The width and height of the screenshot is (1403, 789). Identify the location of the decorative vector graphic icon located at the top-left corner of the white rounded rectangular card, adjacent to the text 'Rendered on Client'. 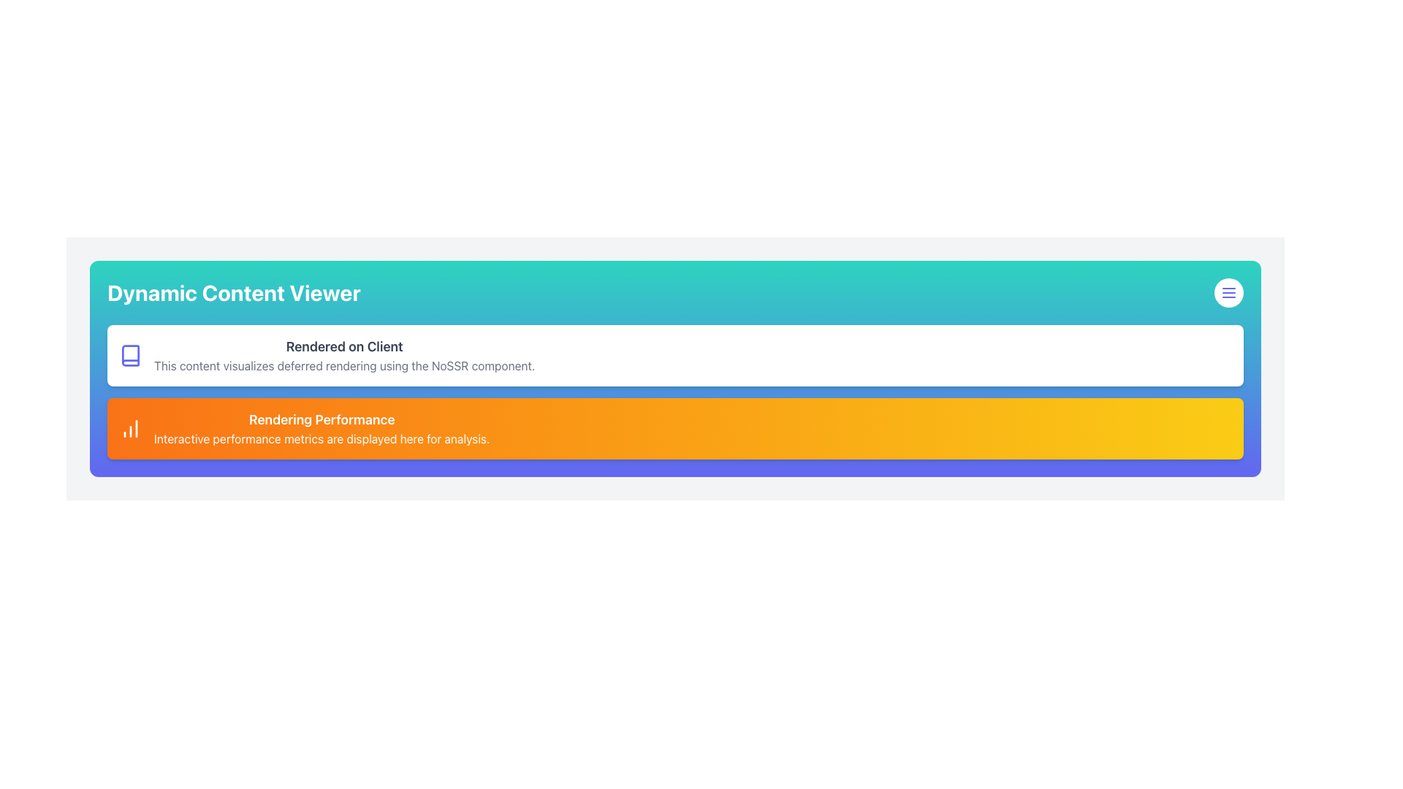
(130, 355).